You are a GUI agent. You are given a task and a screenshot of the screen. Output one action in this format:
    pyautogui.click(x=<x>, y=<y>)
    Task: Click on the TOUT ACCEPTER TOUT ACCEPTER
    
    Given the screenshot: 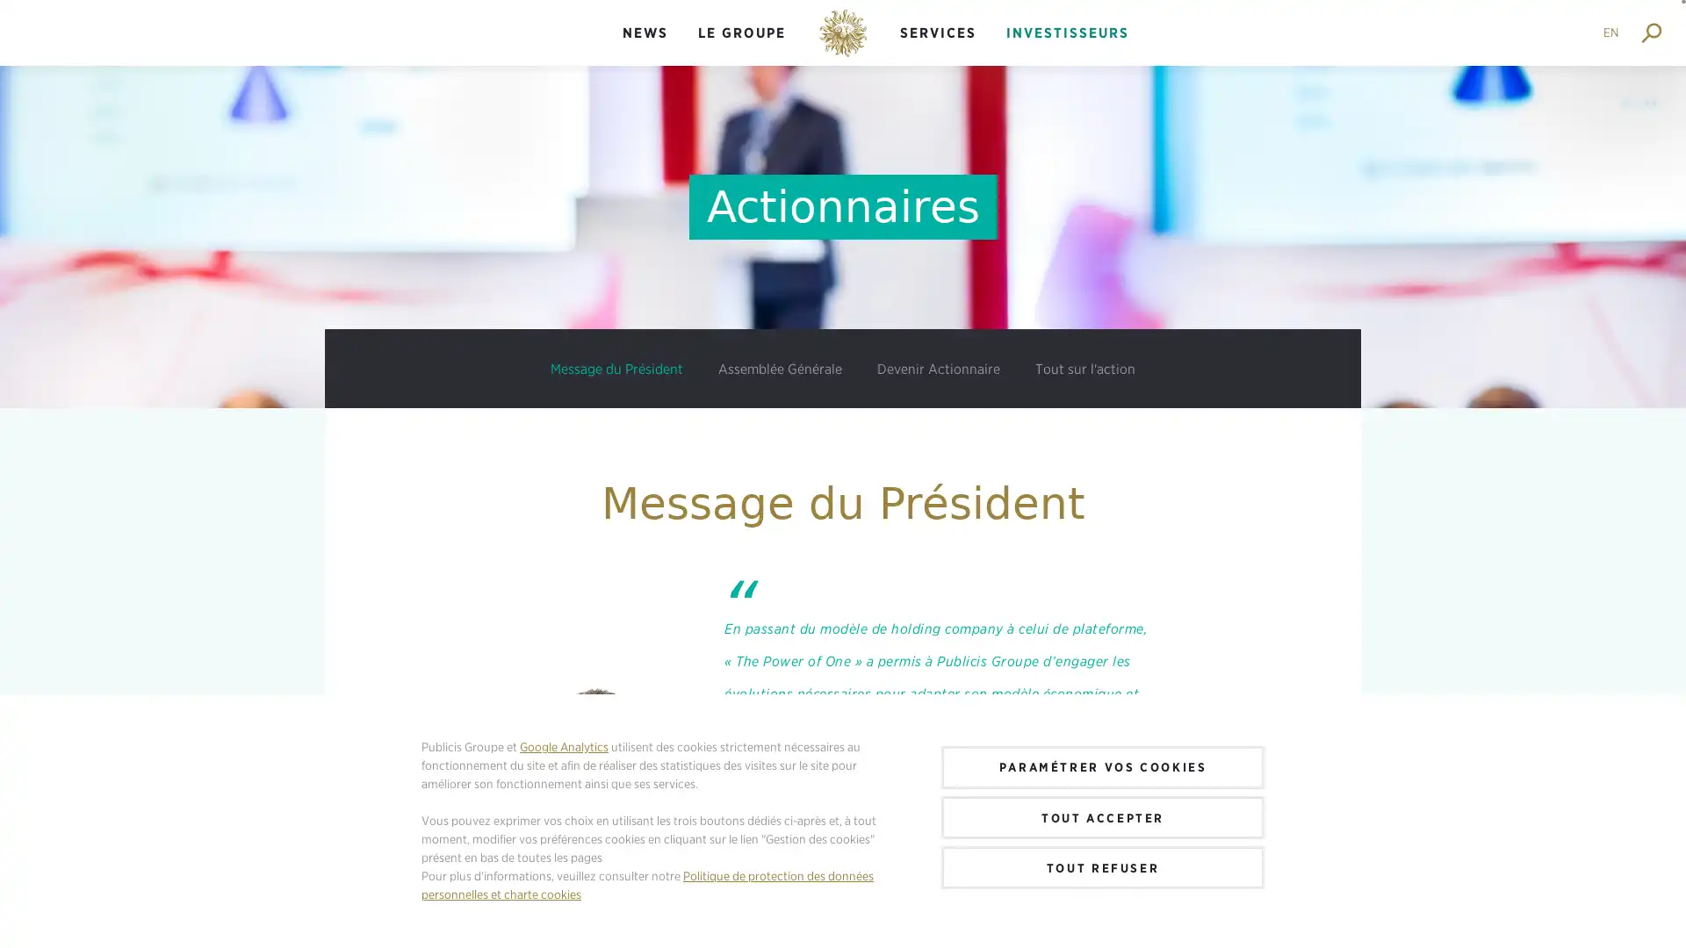 What is the action you would take?
    pyautogui.click(x=1102, y=816)
    